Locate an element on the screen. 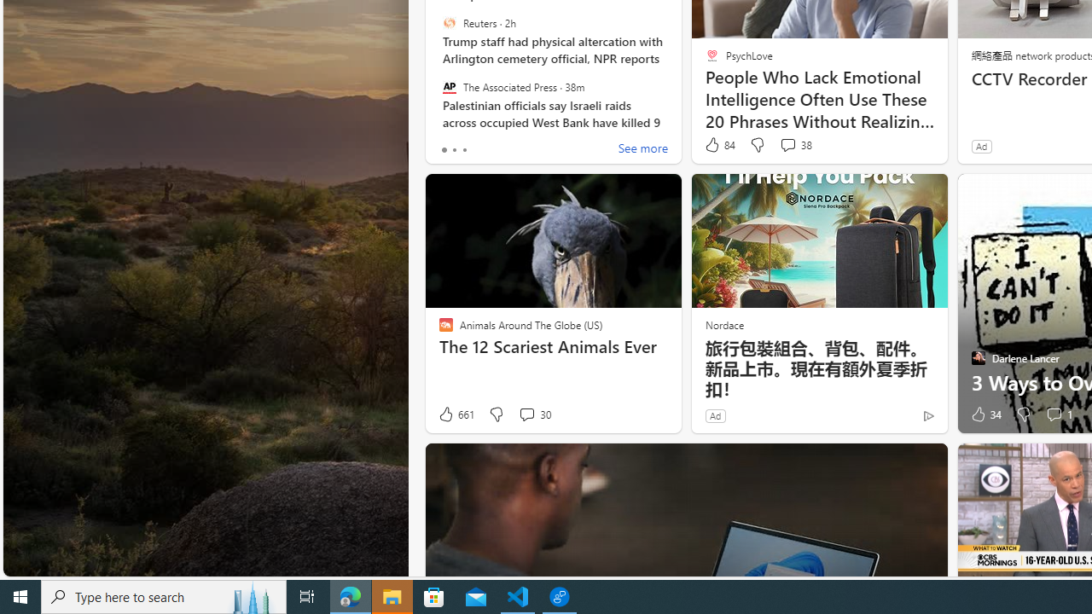 The image size is (1092, 614). 'View comments 30 Comment' is located at coordinates (533, 414).